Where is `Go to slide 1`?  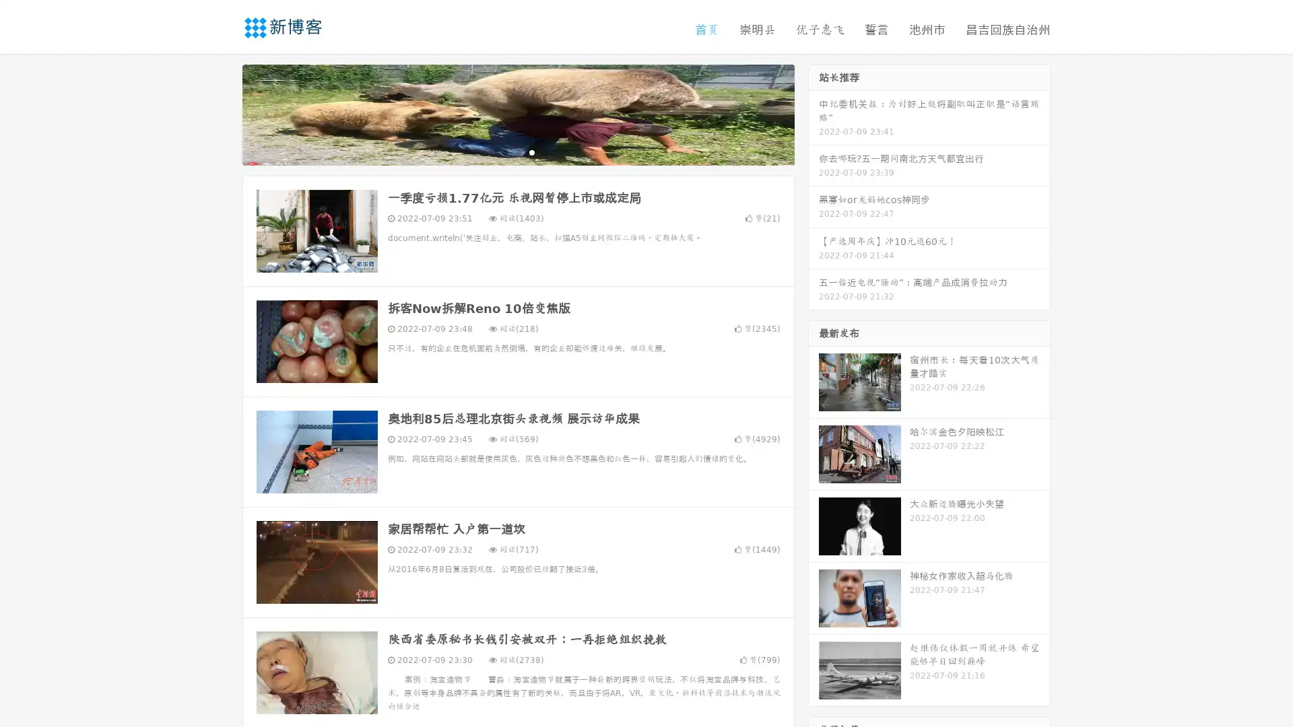
Go to slide 1 is located at coordinates (504, 151).